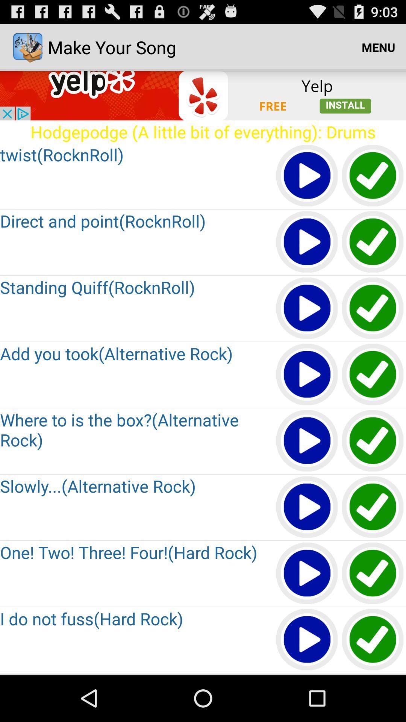 This screenshot has width=406, height=722. Describe the element at coordinates (307, 507) in the screenshot. I see `icon` at that location.